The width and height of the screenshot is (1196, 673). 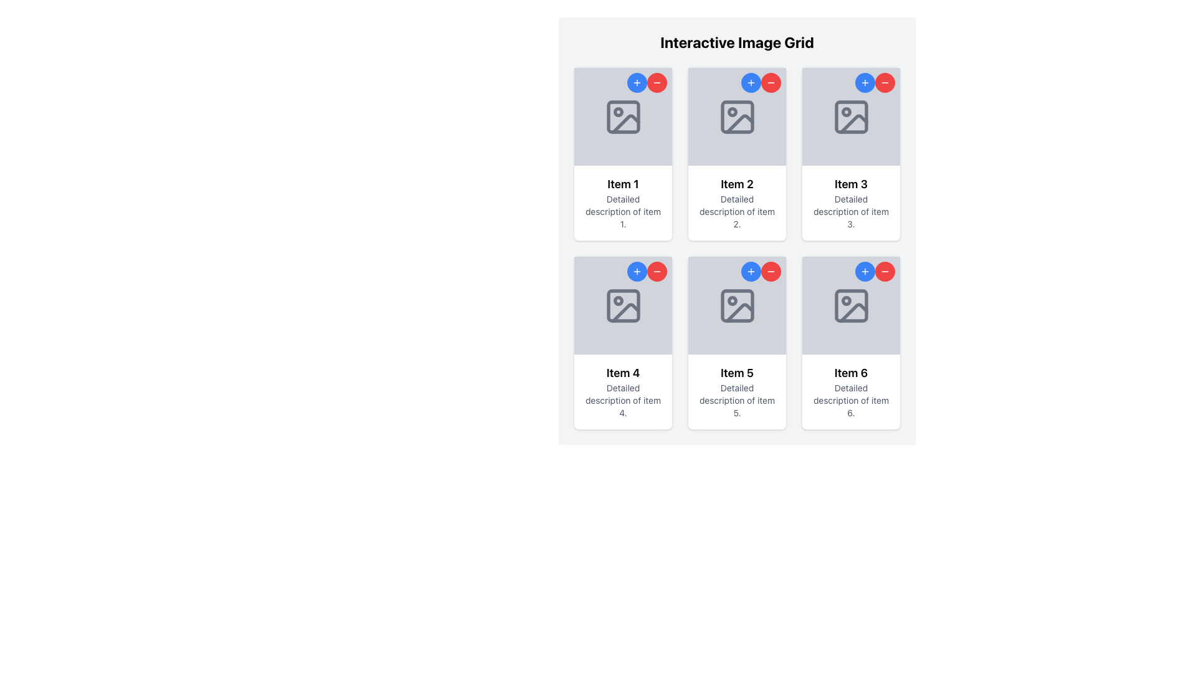 What do you see at coordinates (850, 117) in the screenshot?
I see `the graphical decorative element (SVG rectangle) located in the 'Item 3' card of the image frame icon, which is a square with rounded corners and lacks visible fill or text` at bounding box center [850, 117].